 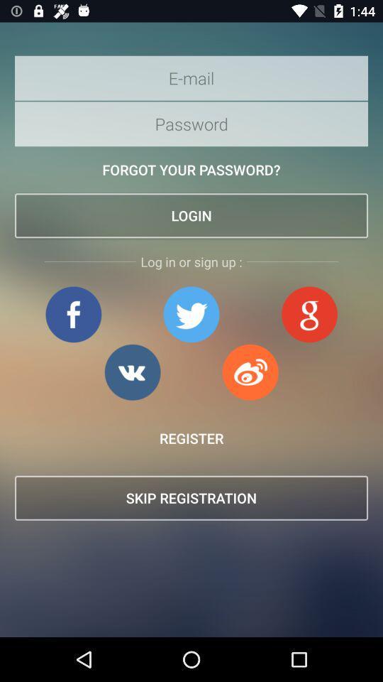 What do you see at coordinates (191, 314) in the screenshot?
I see `login using twitter` at bounding box center [191, 314].